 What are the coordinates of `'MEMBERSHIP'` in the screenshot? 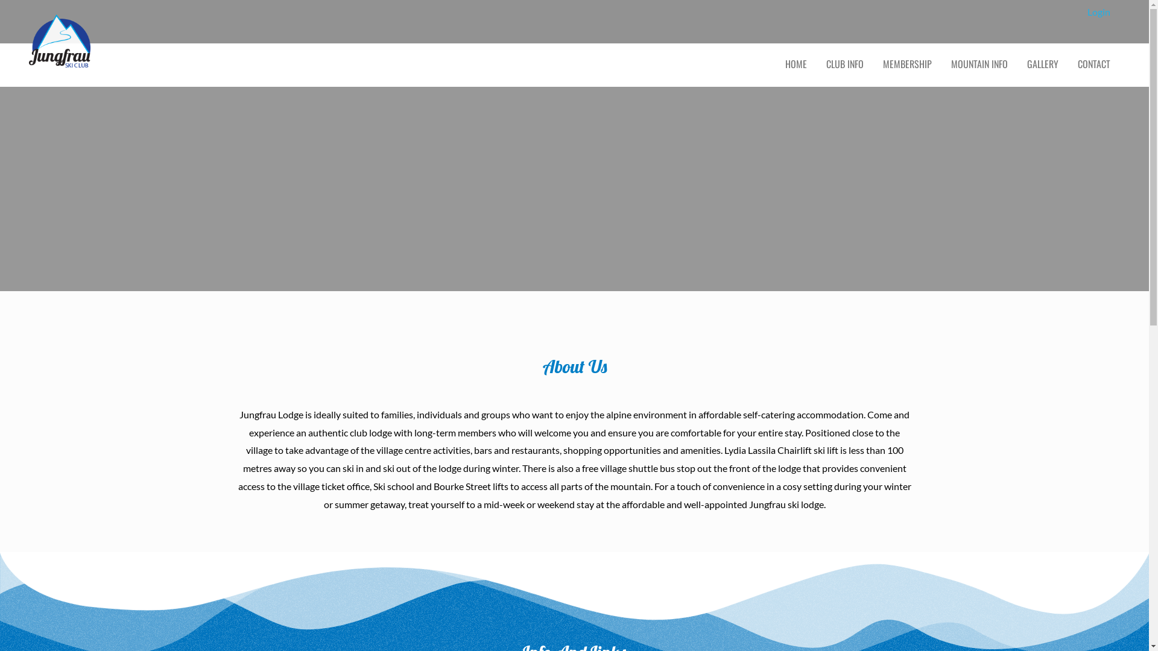 It's located at (907, 63).